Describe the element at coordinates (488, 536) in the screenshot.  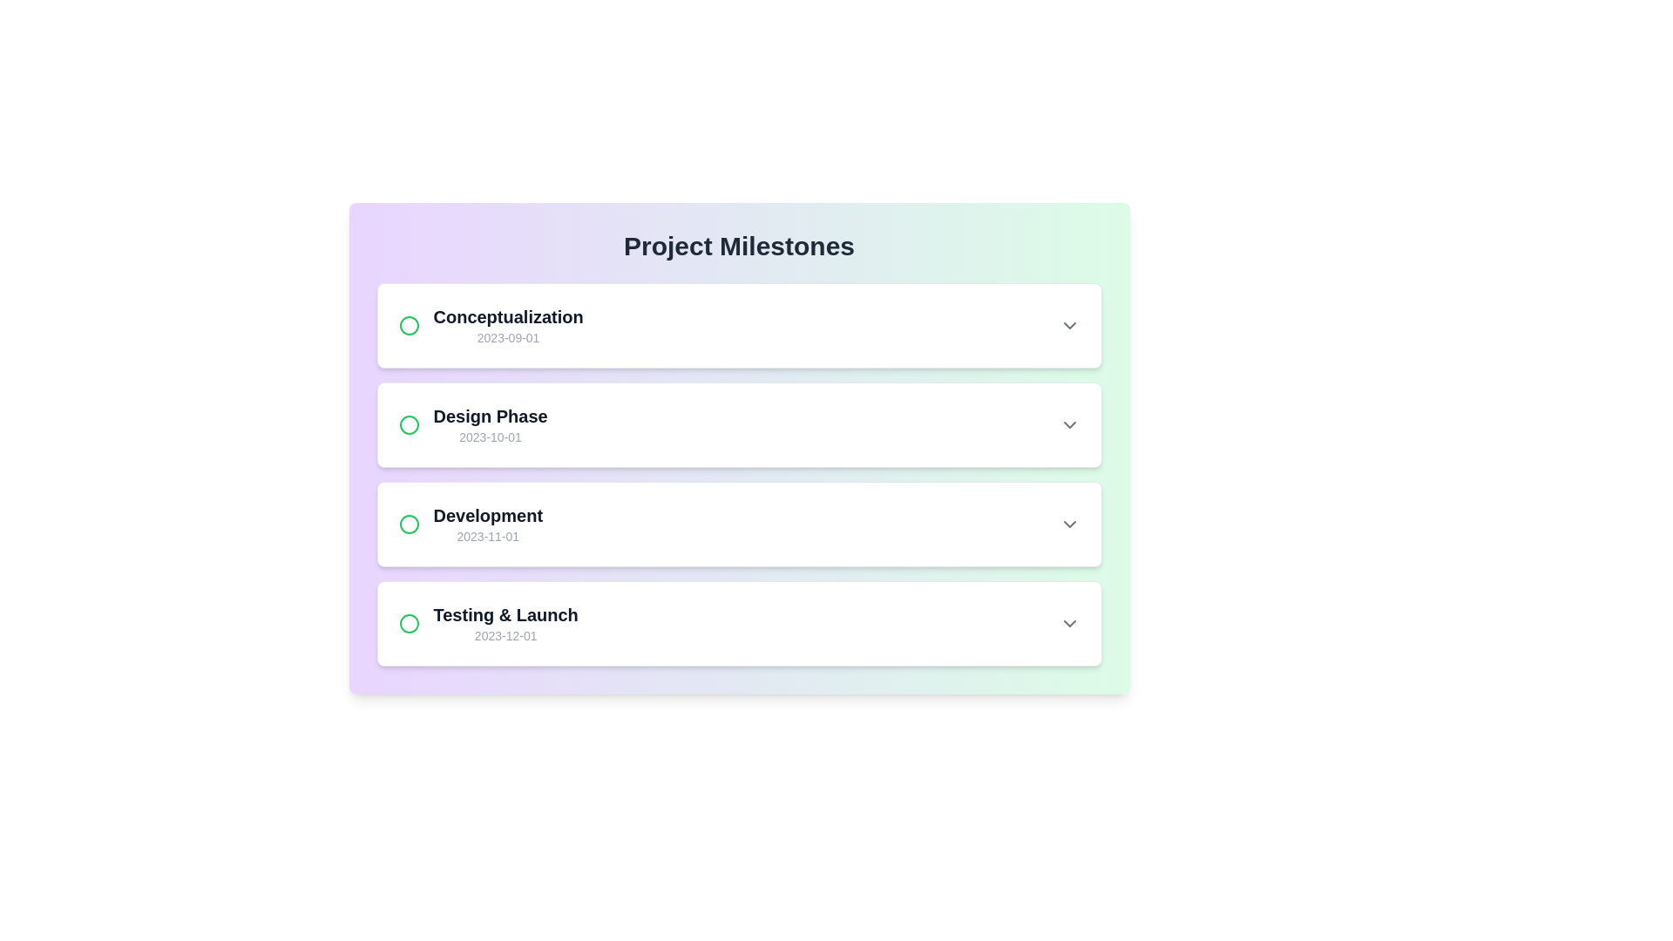
I see `the date text element located below the 'Development' heading, which provides supplemental information about the milestone` at that location.